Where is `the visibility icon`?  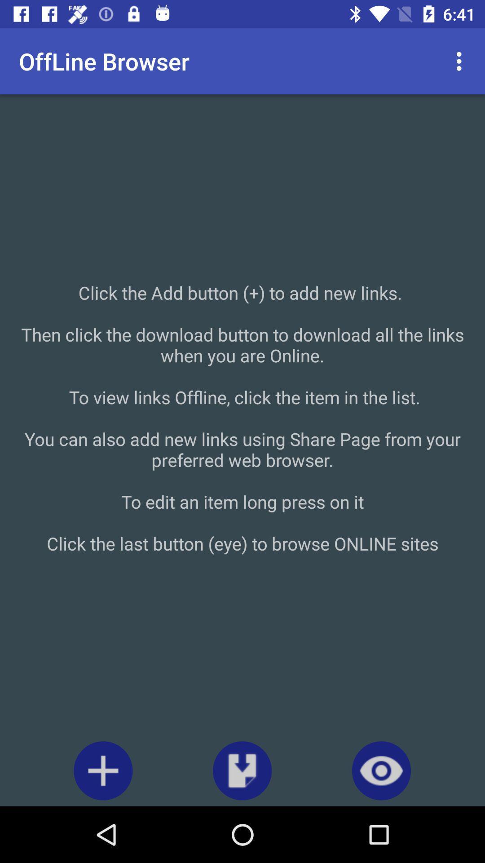 the visibility icon is located at coordinates (381, 770).